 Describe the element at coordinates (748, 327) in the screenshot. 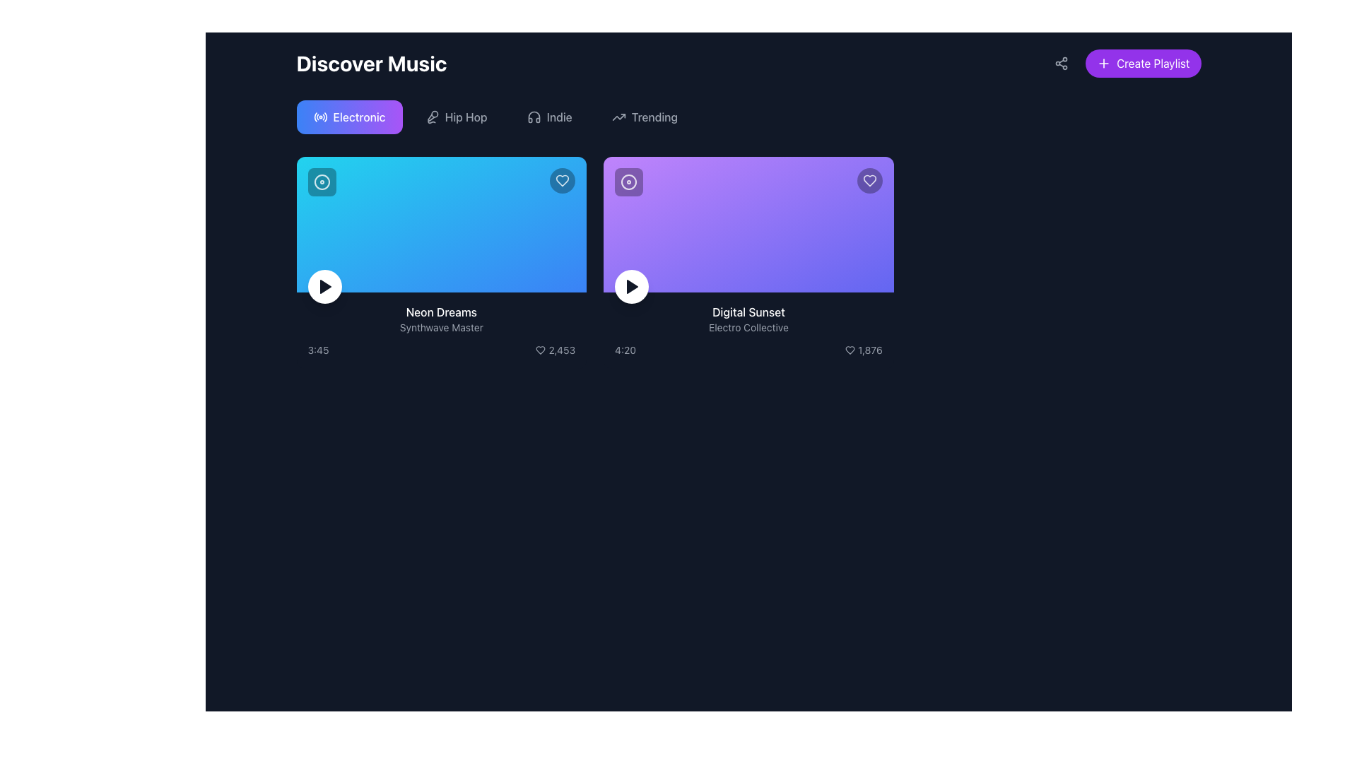

I see `the text label located below the title 'Digital Sunset' for accessibility purposes` at that location.